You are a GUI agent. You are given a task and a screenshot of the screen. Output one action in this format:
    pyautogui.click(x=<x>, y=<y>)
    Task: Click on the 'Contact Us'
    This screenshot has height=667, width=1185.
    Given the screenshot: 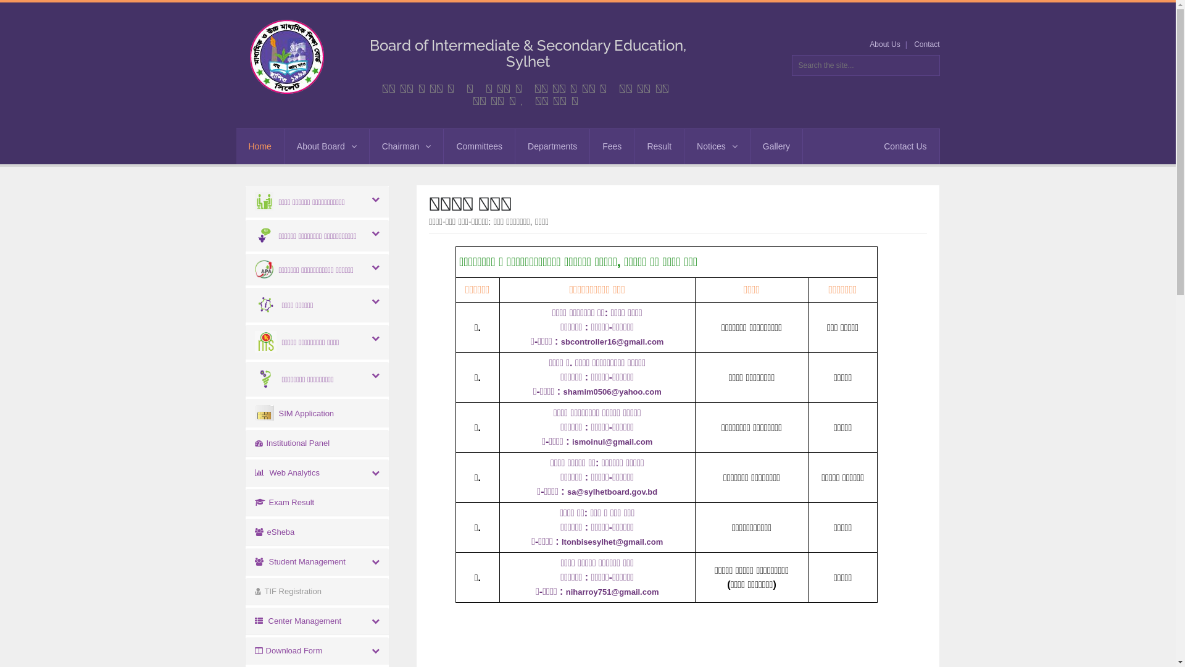 What is the action you would take?
    pyautogui.click(x=905, y=146)
    